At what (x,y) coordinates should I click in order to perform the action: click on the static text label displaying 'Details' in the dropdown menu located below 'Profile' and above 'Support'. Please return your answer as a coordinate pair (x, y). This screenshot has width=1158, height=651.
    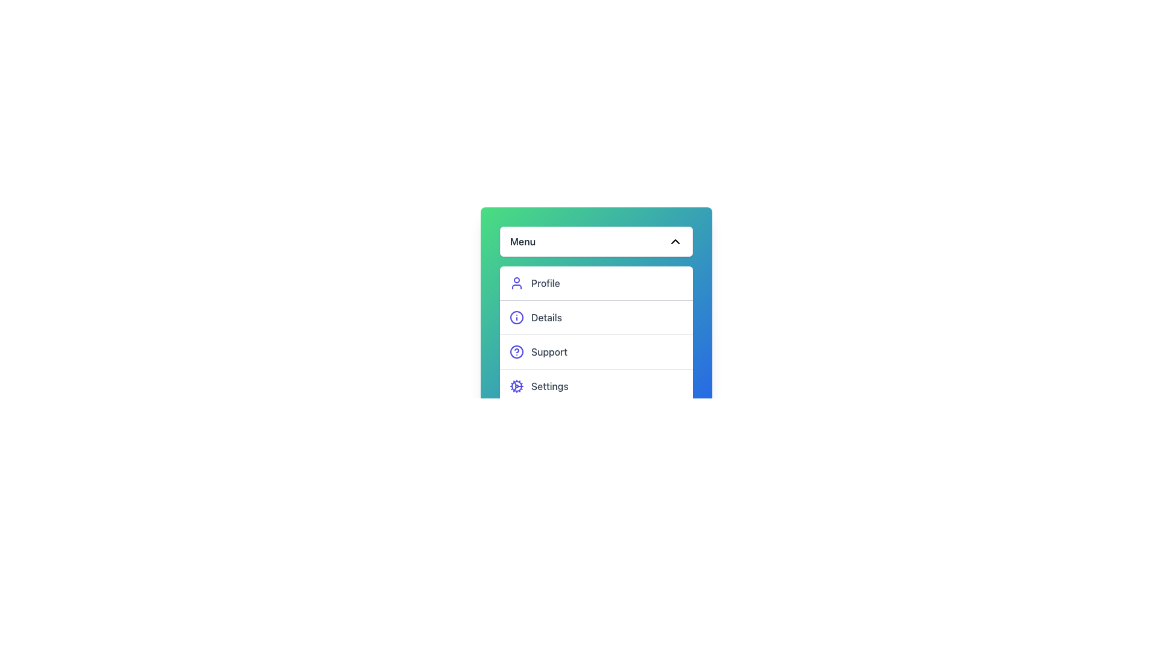
    Looking at the image, I should click on (546, 317).